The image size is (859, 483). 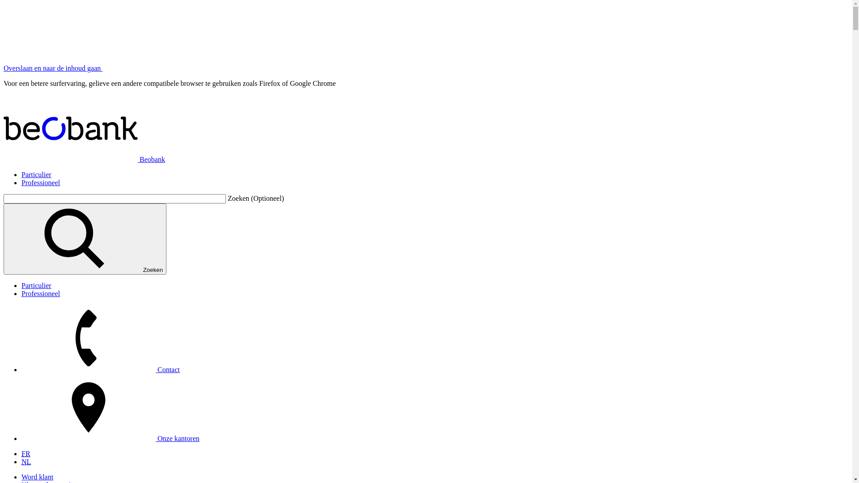 I want to click on 'Contact', so click(x=101, y=369).